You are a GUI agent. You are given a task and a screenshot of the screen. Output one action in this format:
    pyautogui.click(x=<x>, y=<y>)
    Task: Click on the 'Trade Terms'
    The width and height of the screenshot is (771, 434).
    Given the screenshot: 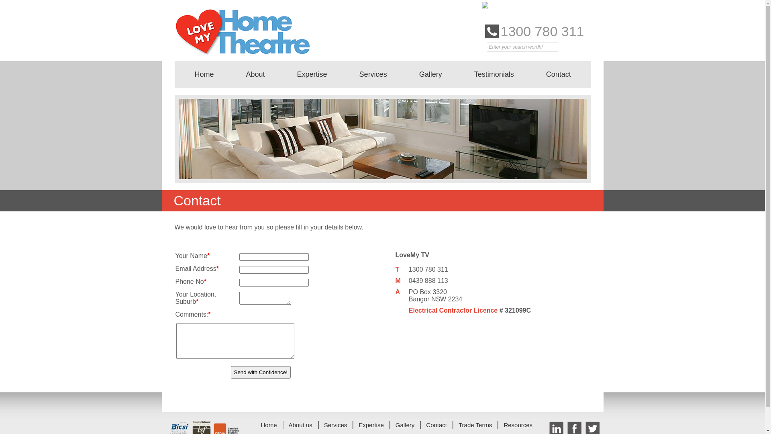 What is the action you would take?
    pyautogui.click(x=475, y=424)
    